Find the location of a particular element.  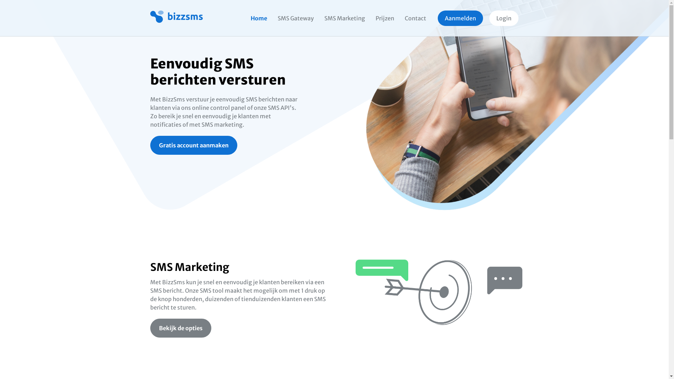

'Contact' is located at coordinates (415, 18).